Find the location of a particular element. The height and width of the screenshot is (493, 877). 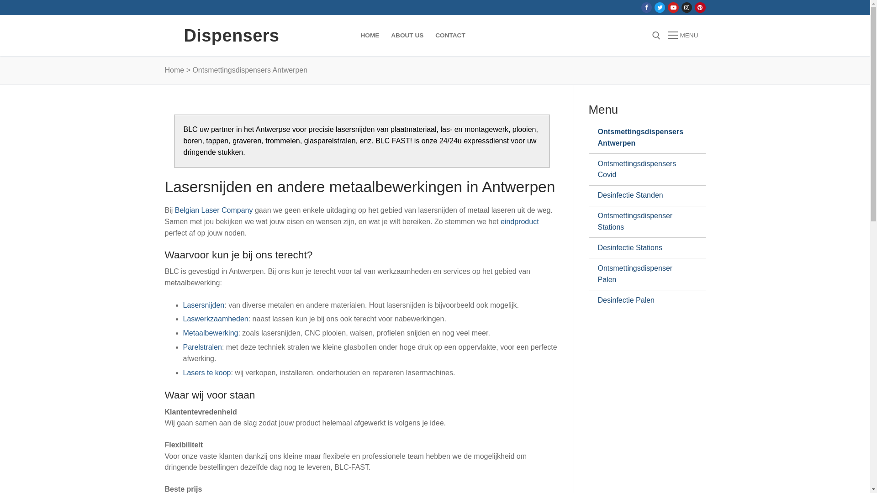

'Facebook' is located at coordinates (646, 7).